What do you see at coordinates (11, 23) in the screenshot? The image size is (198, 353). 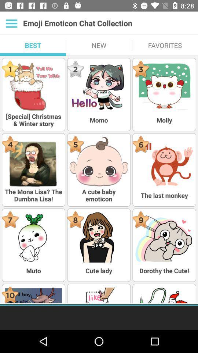 I see `click menu` at bounding box center [11, 23].